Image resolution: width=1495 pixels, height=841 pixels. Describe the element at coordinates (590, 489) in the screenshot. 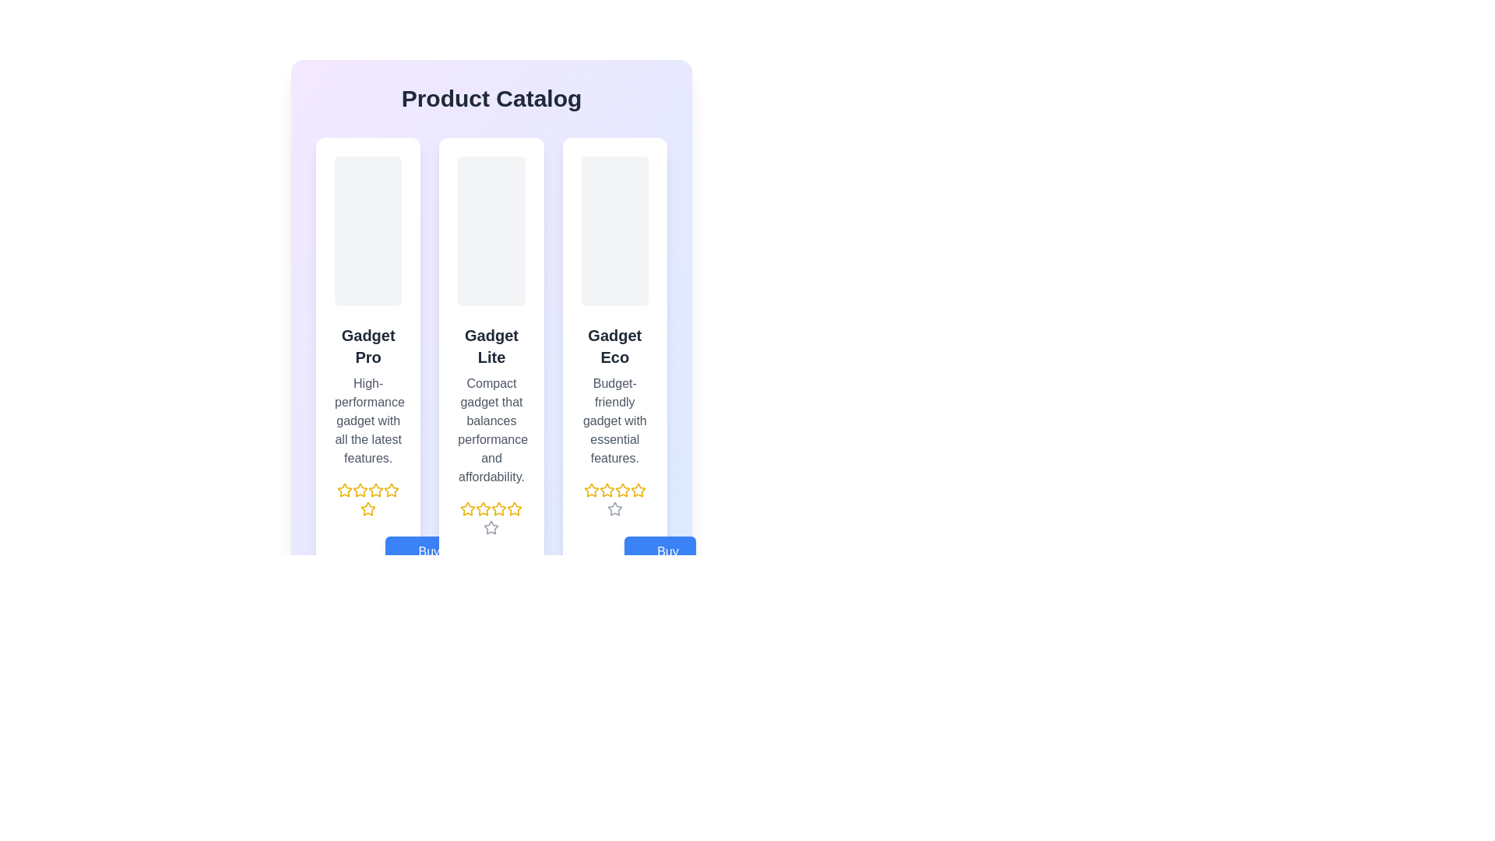

I see `the leftmost yellow star icon` at that location.